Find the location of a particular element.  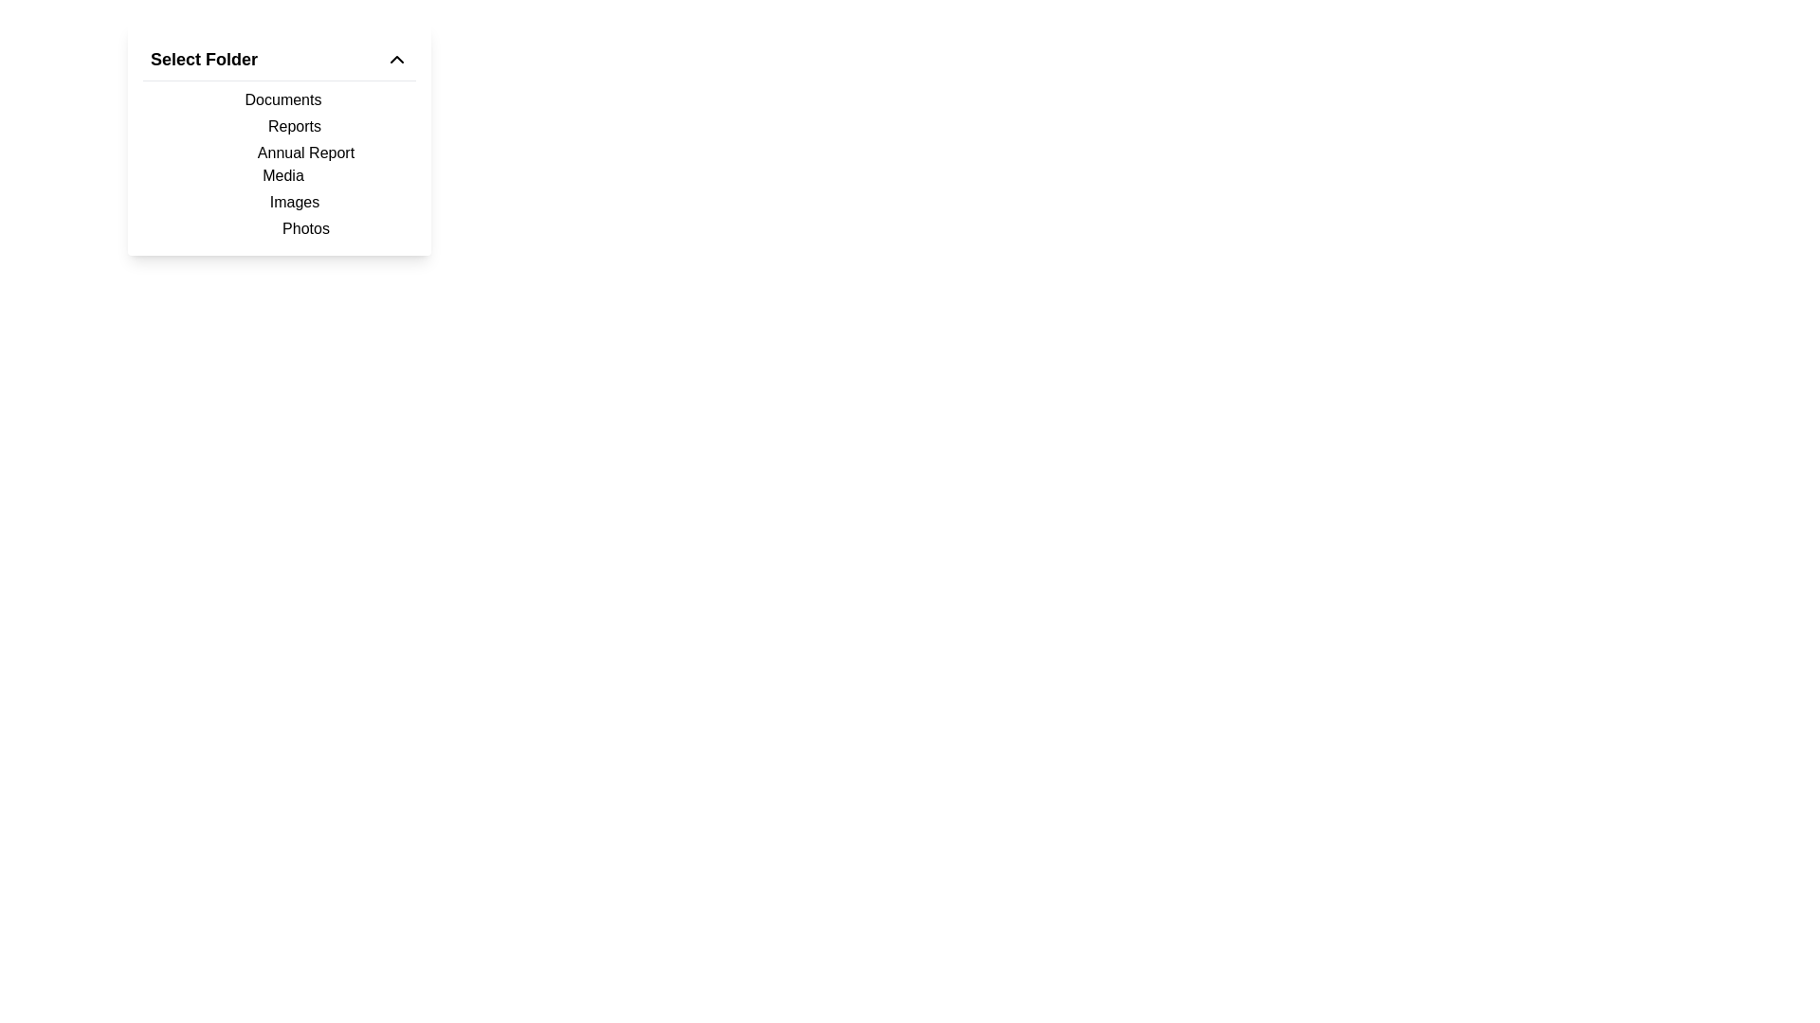

the List item containing 'Images' above and 'Photos' below in the Select Folder dropdown menu is located at coordinates (290, 214).